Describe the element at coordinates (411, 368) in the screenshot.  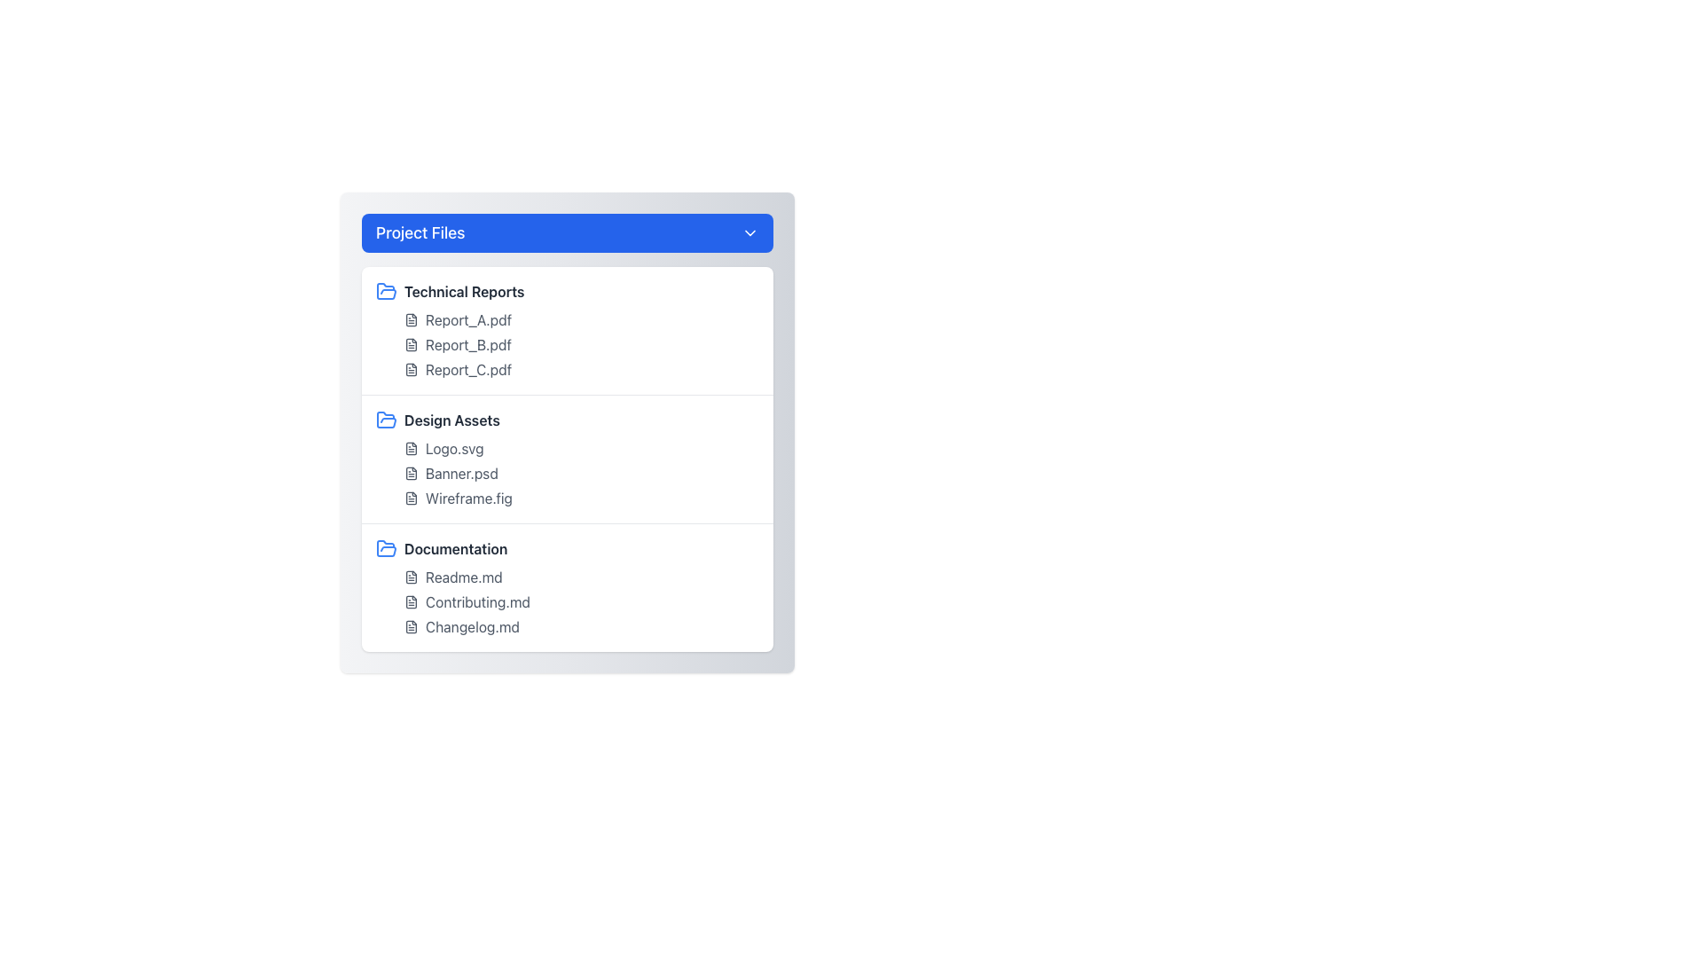
I see `the file icon representing 'Report_C.pdf' located to the left of the text in the 'Technical Reports' list under the 'Project Files' panel` at that location.